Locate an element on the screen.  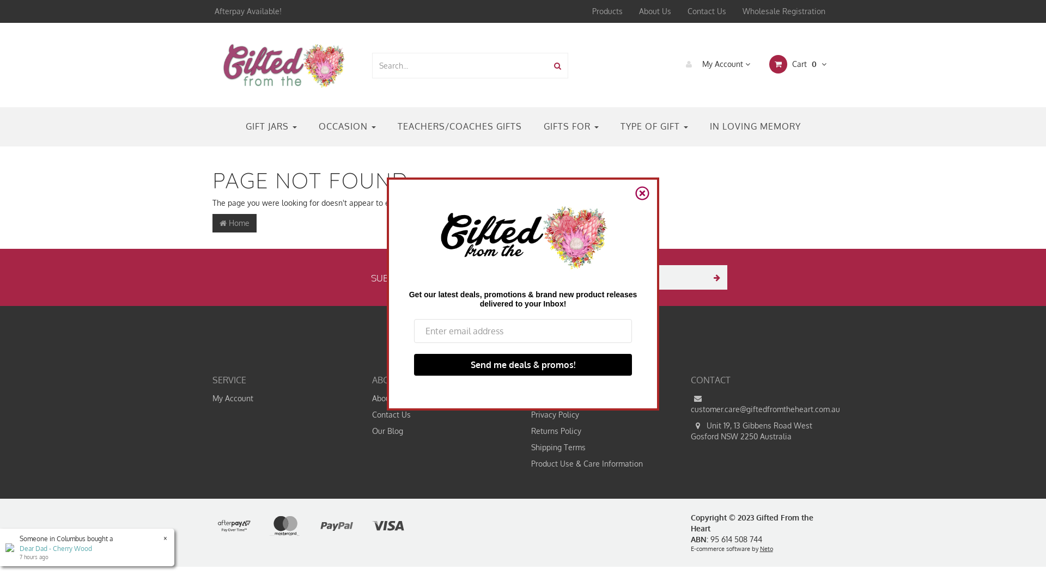
'customer.care@giftedfromtheheart.com.au' is located at coordinates (757, 403).